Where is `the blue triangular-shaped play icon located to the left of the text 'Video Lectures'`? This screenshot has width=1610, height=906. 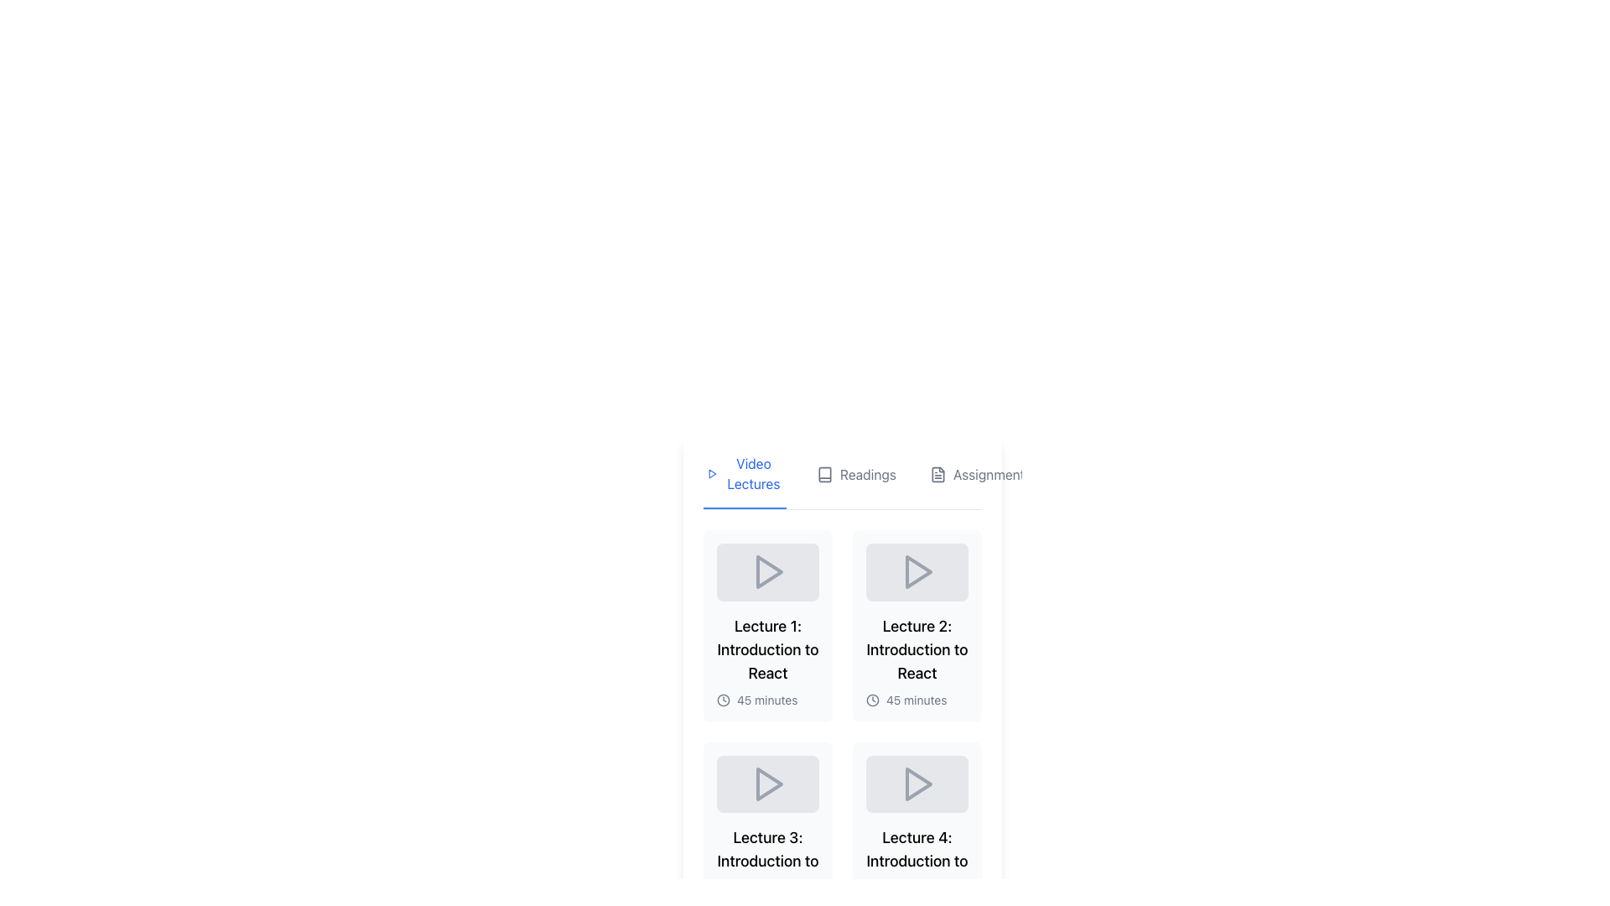
the blue triangular-shaped play icon located to the left of the text 'Video Lectures' is located at coordinates (712, 473).